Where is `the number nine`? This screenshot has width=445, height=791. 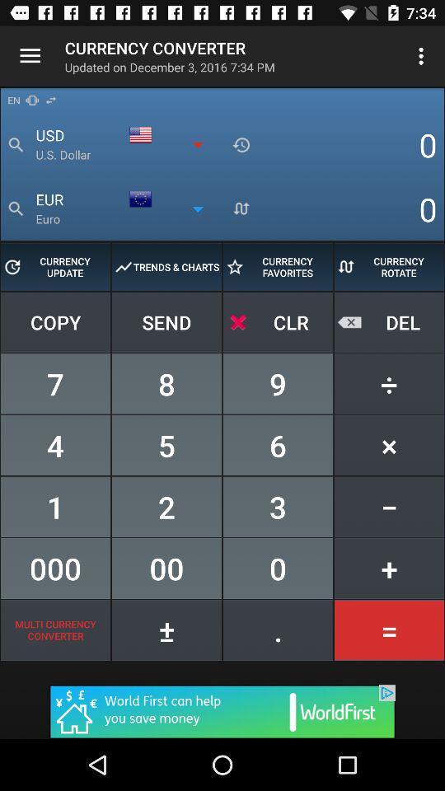
the number nine is located at coordinates (278, 383).